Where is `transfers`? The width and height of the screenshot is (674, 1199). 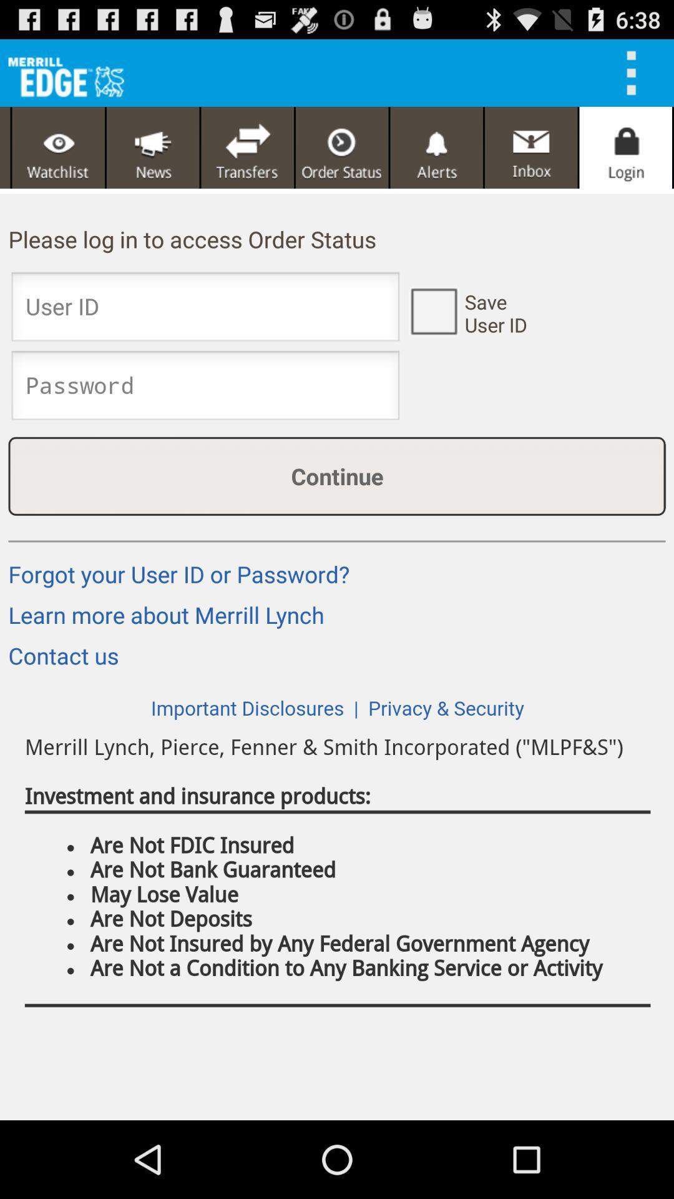
transfers is located at coordinates (247, 147).